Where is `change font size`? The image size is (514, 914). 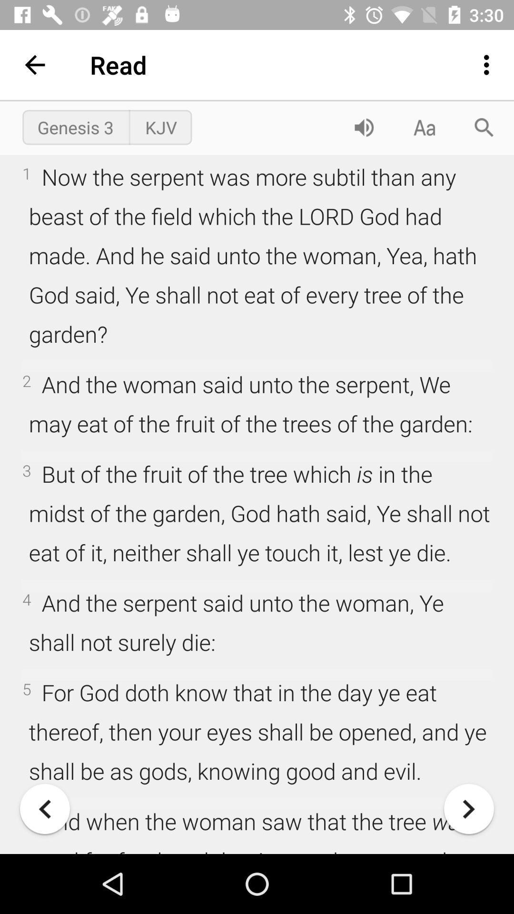 change font size is located at coordinates (424, 127).